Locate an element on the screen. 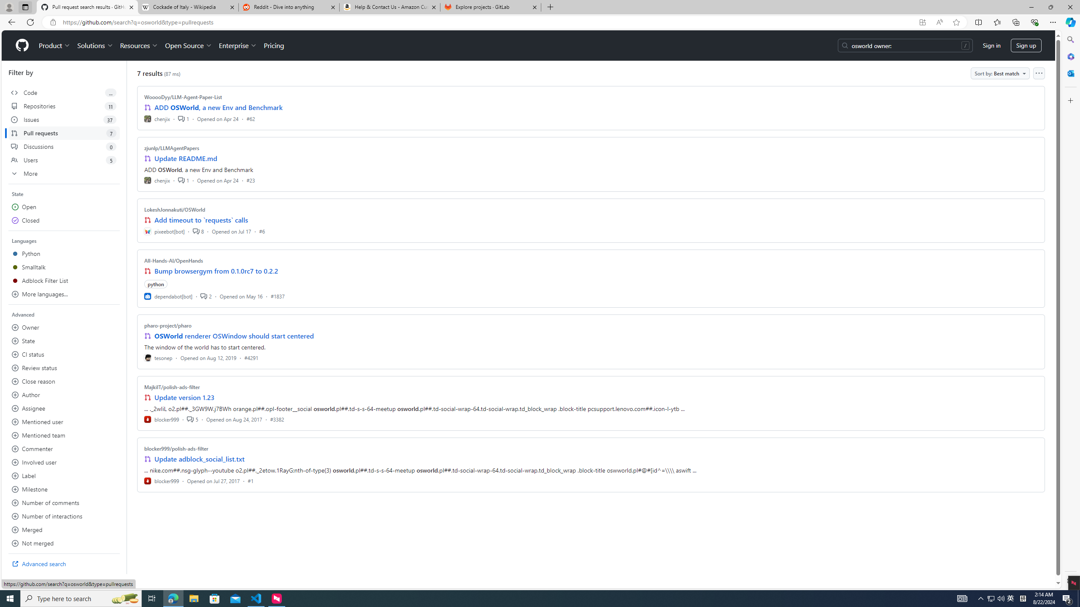 The width and height of the screenshot is (1080, 607). 'All-Hands-AI/OpenHands' is located at coordinates (173, 260).